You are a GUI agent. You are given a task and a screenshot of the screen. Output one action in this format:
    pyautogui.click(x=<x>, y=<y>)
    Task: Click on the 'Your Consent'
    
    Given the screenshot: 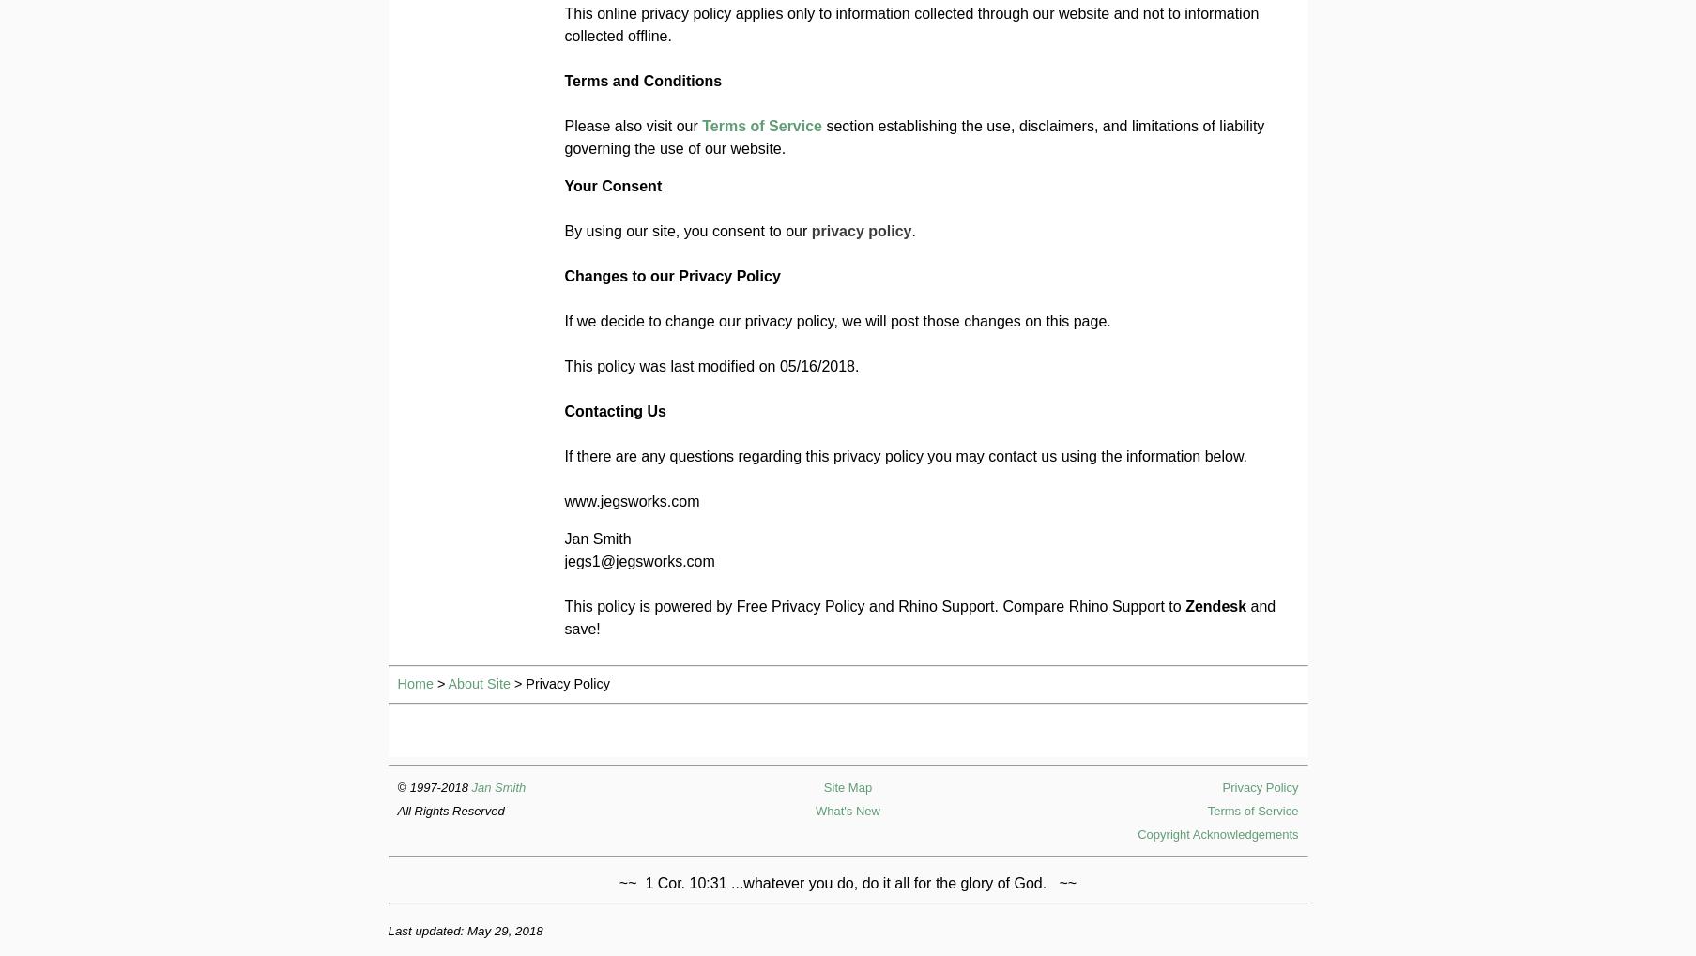 What is the action you would take?
    pyautogui.click(x=564, y=185)
    